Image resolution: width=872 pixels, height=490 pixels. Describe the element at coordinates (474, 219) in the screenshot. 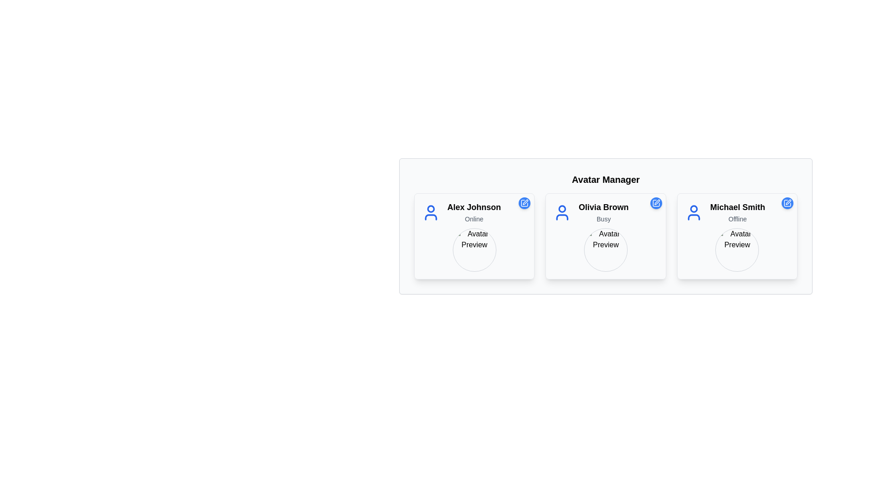

I see `the text label displaying 'Online' located below the 'Alex Johnson' main name label within the card for Alex Johnson` at that location.